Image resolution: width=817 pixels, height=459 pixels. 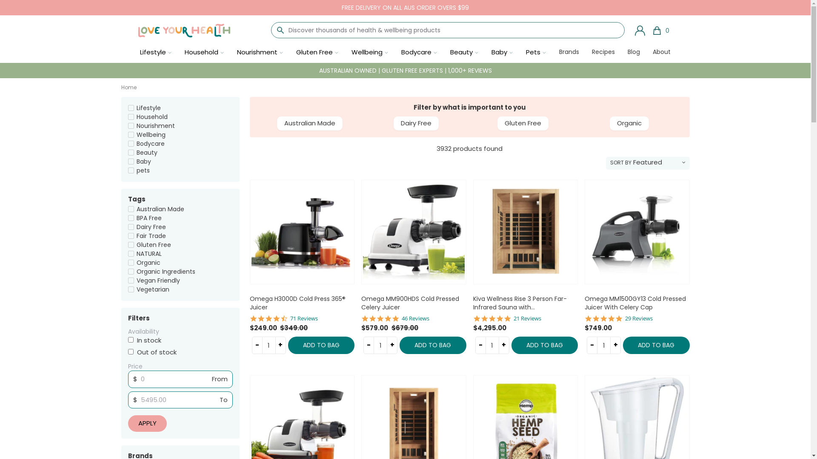 What do you see at coordinates (569, 52) in the screenshot?
I see `'Brands'` at bounding box center [569, 52].